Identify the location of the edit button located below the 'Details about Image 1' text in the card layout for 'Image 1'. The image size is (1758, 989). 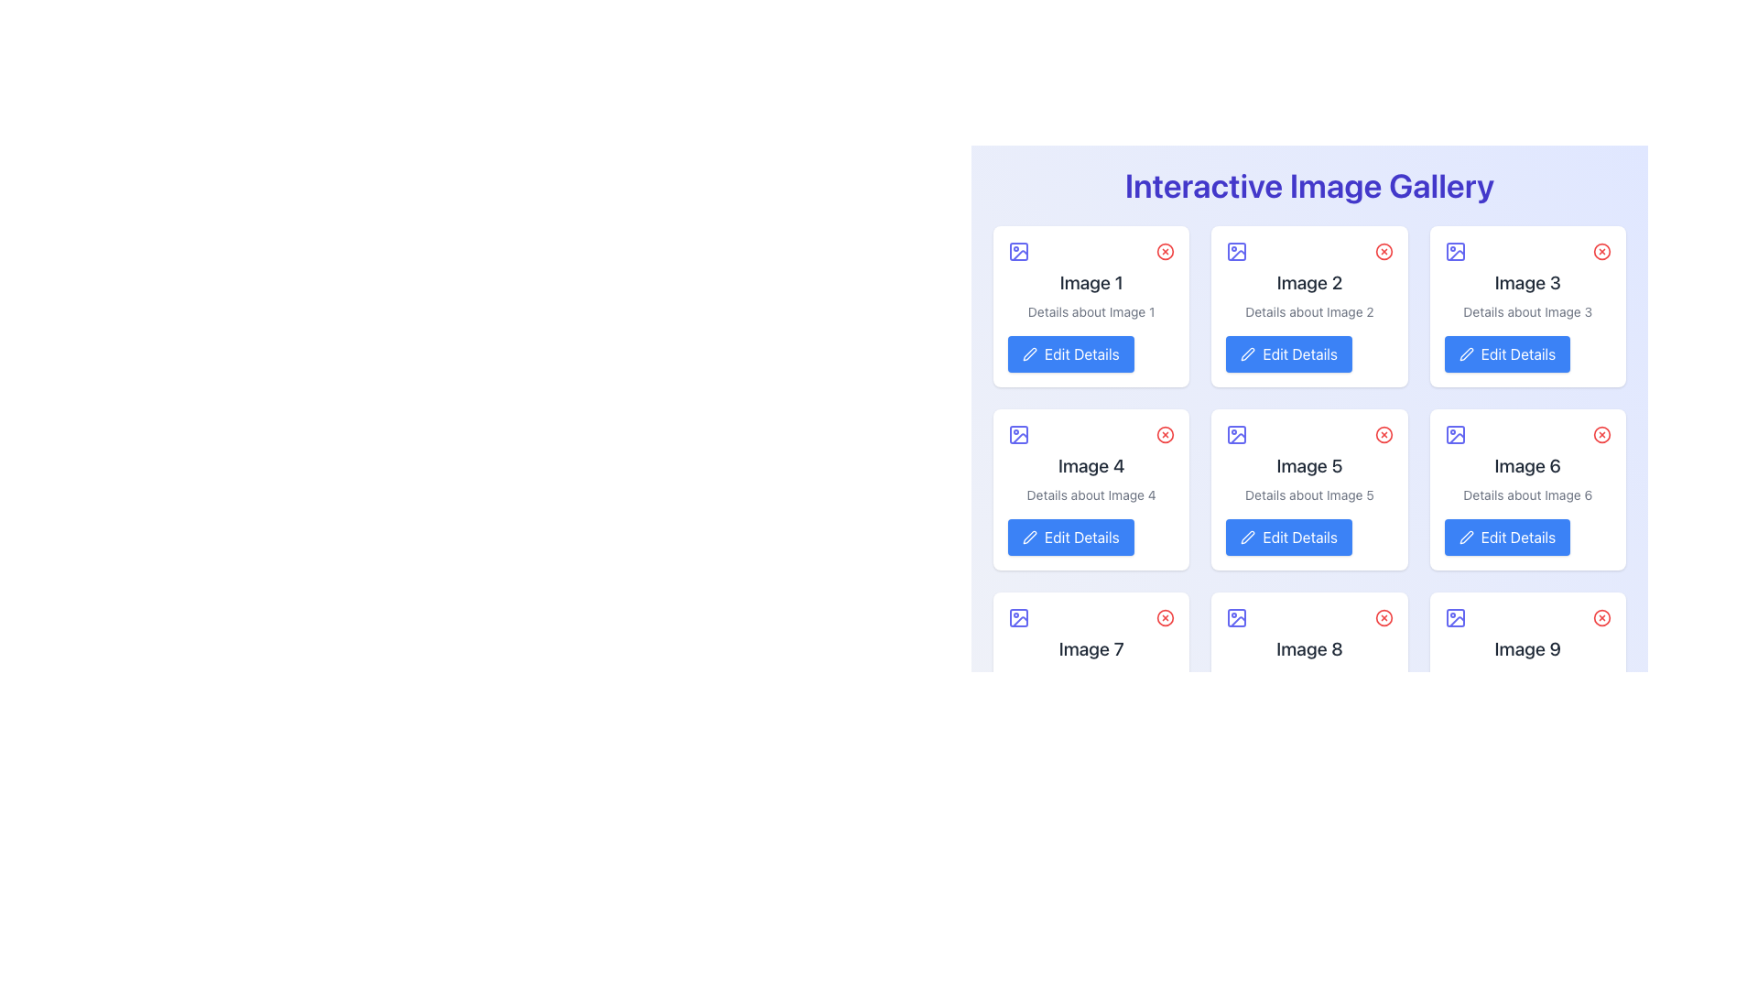
(1070, 353).